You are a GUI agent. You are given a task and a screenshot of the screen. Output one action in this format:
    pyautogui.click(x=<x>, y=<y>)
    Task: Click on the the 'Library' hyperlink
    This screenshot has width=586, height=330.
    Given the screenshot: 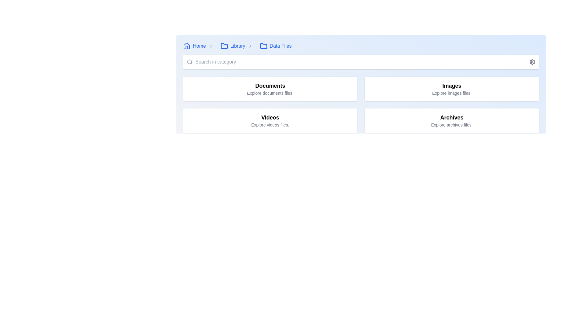 What is the action you would take?
    pyautogui.click(x=233, y=46)
    